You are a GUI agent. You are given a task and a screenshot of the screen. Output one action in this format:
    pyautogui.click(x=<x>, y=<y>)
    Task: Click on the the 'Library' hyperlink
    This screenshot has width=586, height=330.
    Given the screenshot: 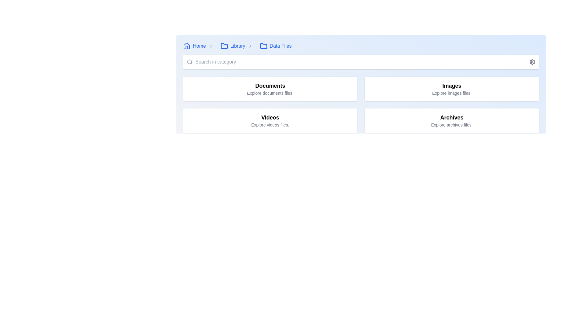 What is the action you would take?
    pyautogui.click(x=233, y=46)
    